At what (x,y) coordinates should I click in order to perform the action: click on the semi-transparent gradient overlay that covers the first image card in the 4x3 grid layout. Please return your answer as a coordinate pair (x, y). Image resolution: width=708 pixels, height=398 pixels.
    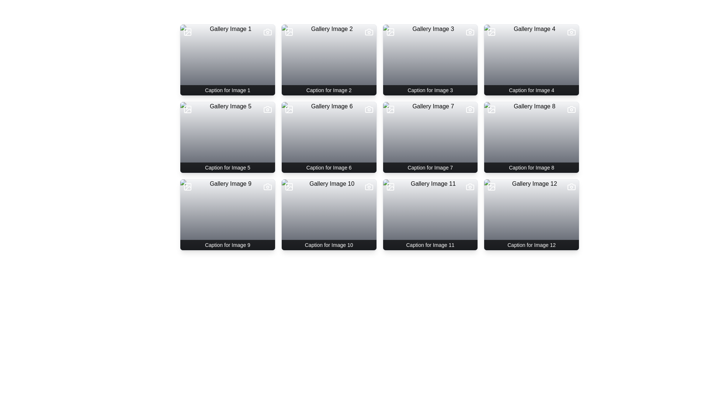
    Looking at the image, I should click on (227, 59).